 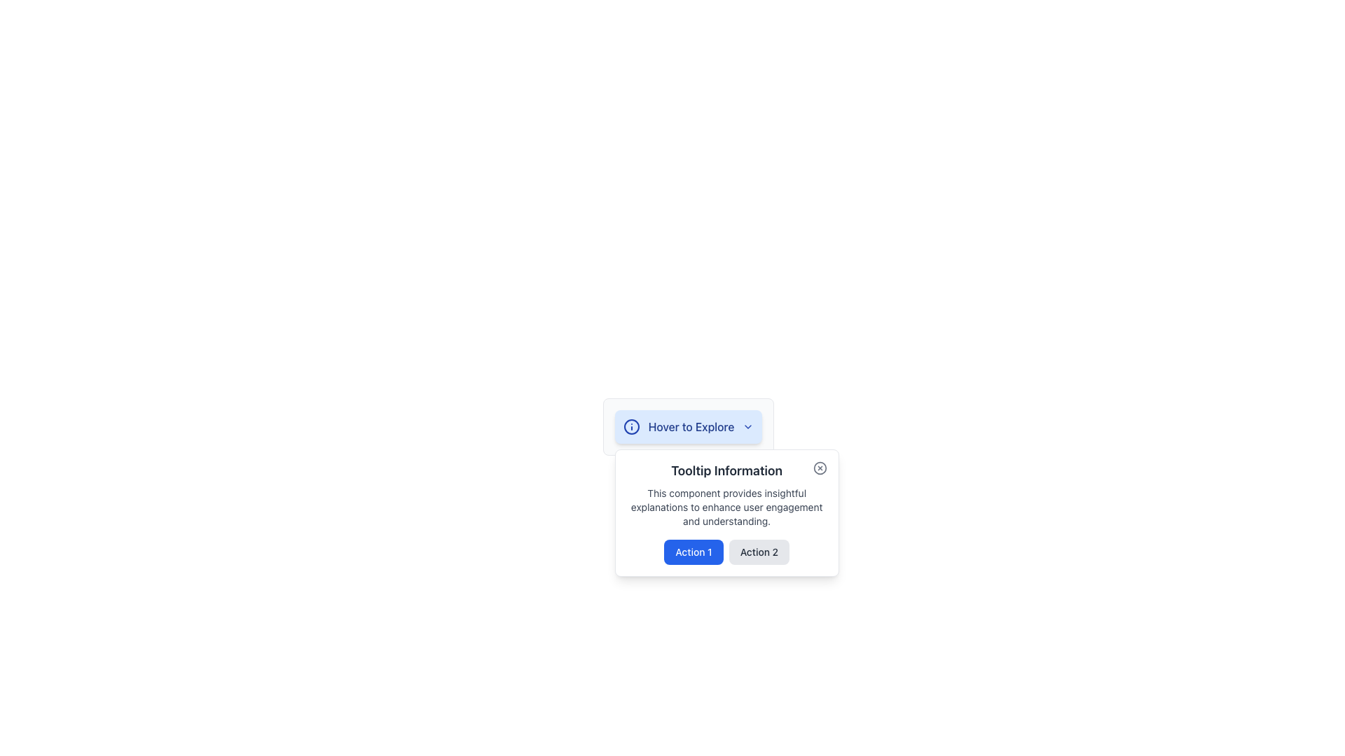 What do you see at coordinates (630, 426) in the screenshot?
I see `the decorative border SVG circle component of the 'info' icon, located to the left of the 'Hover` at bounding box center [630, 426].